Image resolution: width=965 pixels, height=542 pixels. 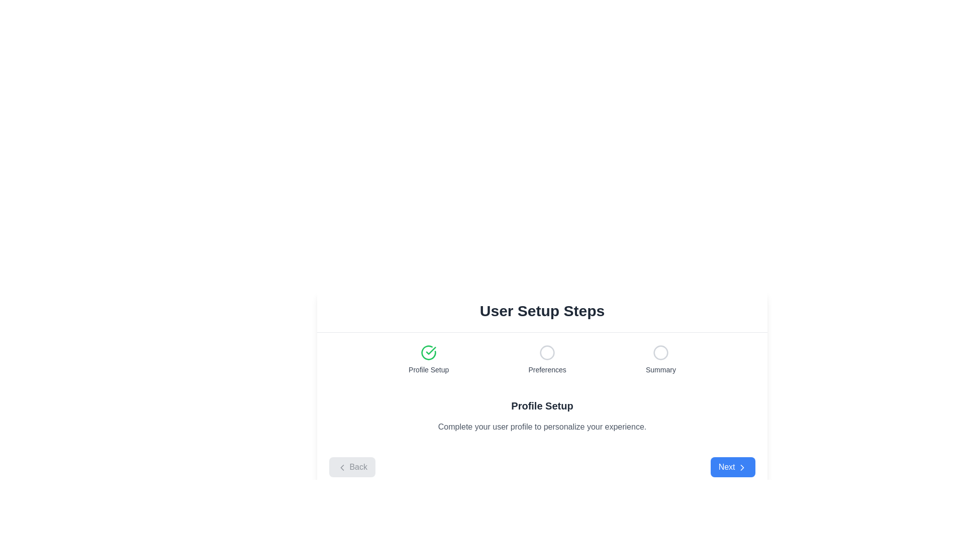 I want to click on the first circular icon indicating a completed step in the multi-step user setup process, located above the 'Profile Setup' text, so click(x=429, y=352).